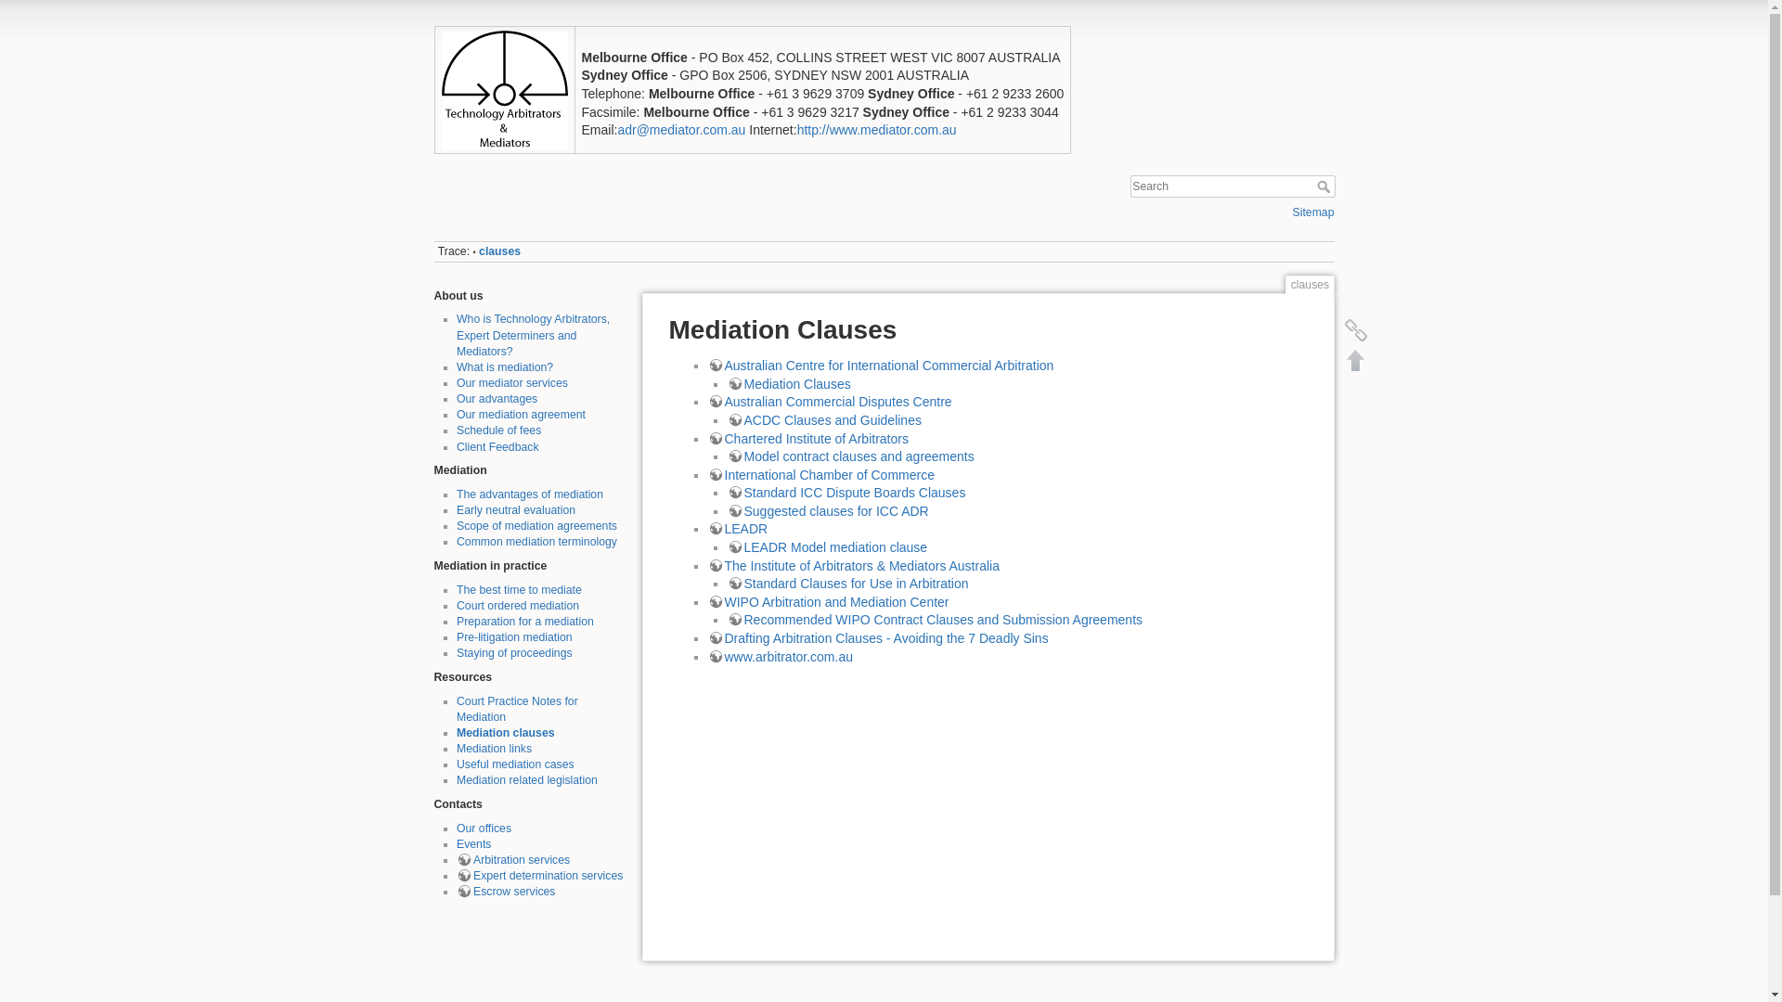 This screenshot has height=1002, width=1782. I want to click on 'Sitemap', so click(1312, 211).